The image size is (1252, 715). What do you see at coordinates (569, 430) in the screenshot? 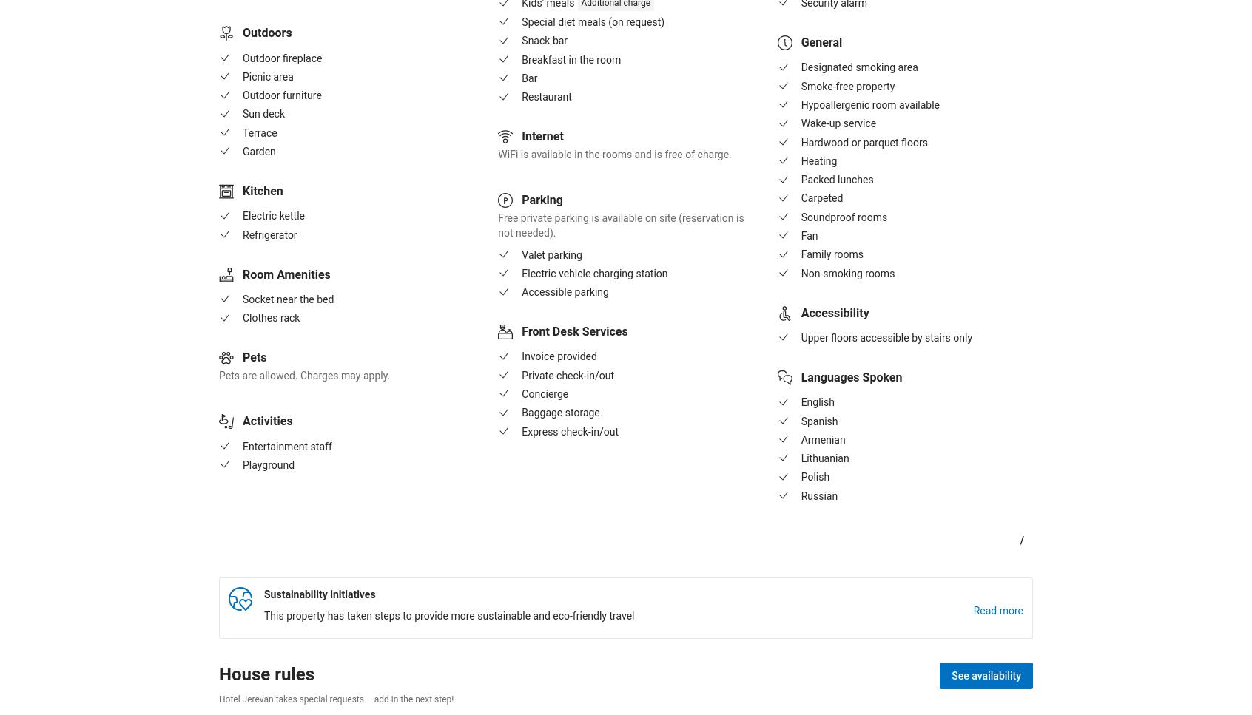
I see `'Express check-in/out'` at bounding box center [569, 430].